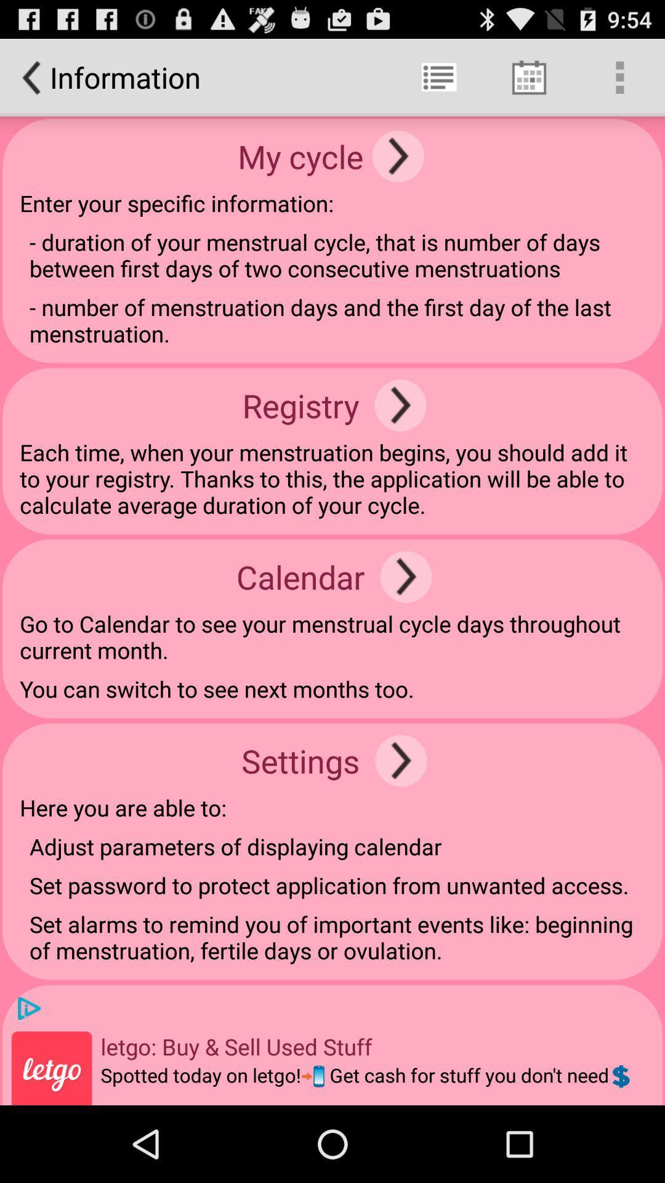 This screenshot has width=665, height=1183. Describe the element at coordinates (400, 434) in the screenshot. I see `the arrow_forward icon` at that location.